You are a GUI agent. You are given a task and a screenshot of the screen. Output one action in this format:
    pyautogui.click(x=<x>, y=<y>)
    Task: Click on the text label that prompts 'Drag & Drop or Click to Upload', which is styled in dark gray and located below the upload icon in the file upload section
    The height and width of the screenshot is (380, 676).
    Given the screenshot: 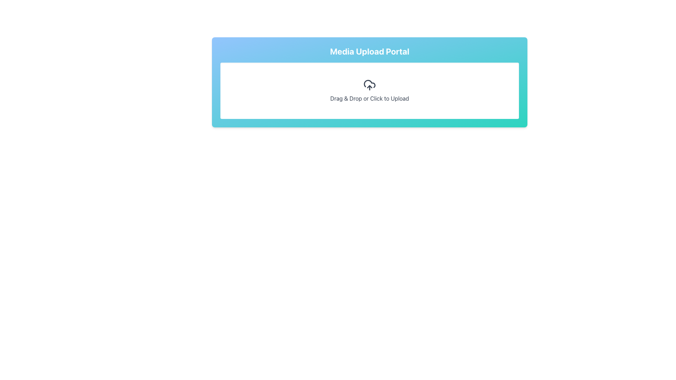 What is the action you would take?
    pyautogui.click(x=369, y=99)
    